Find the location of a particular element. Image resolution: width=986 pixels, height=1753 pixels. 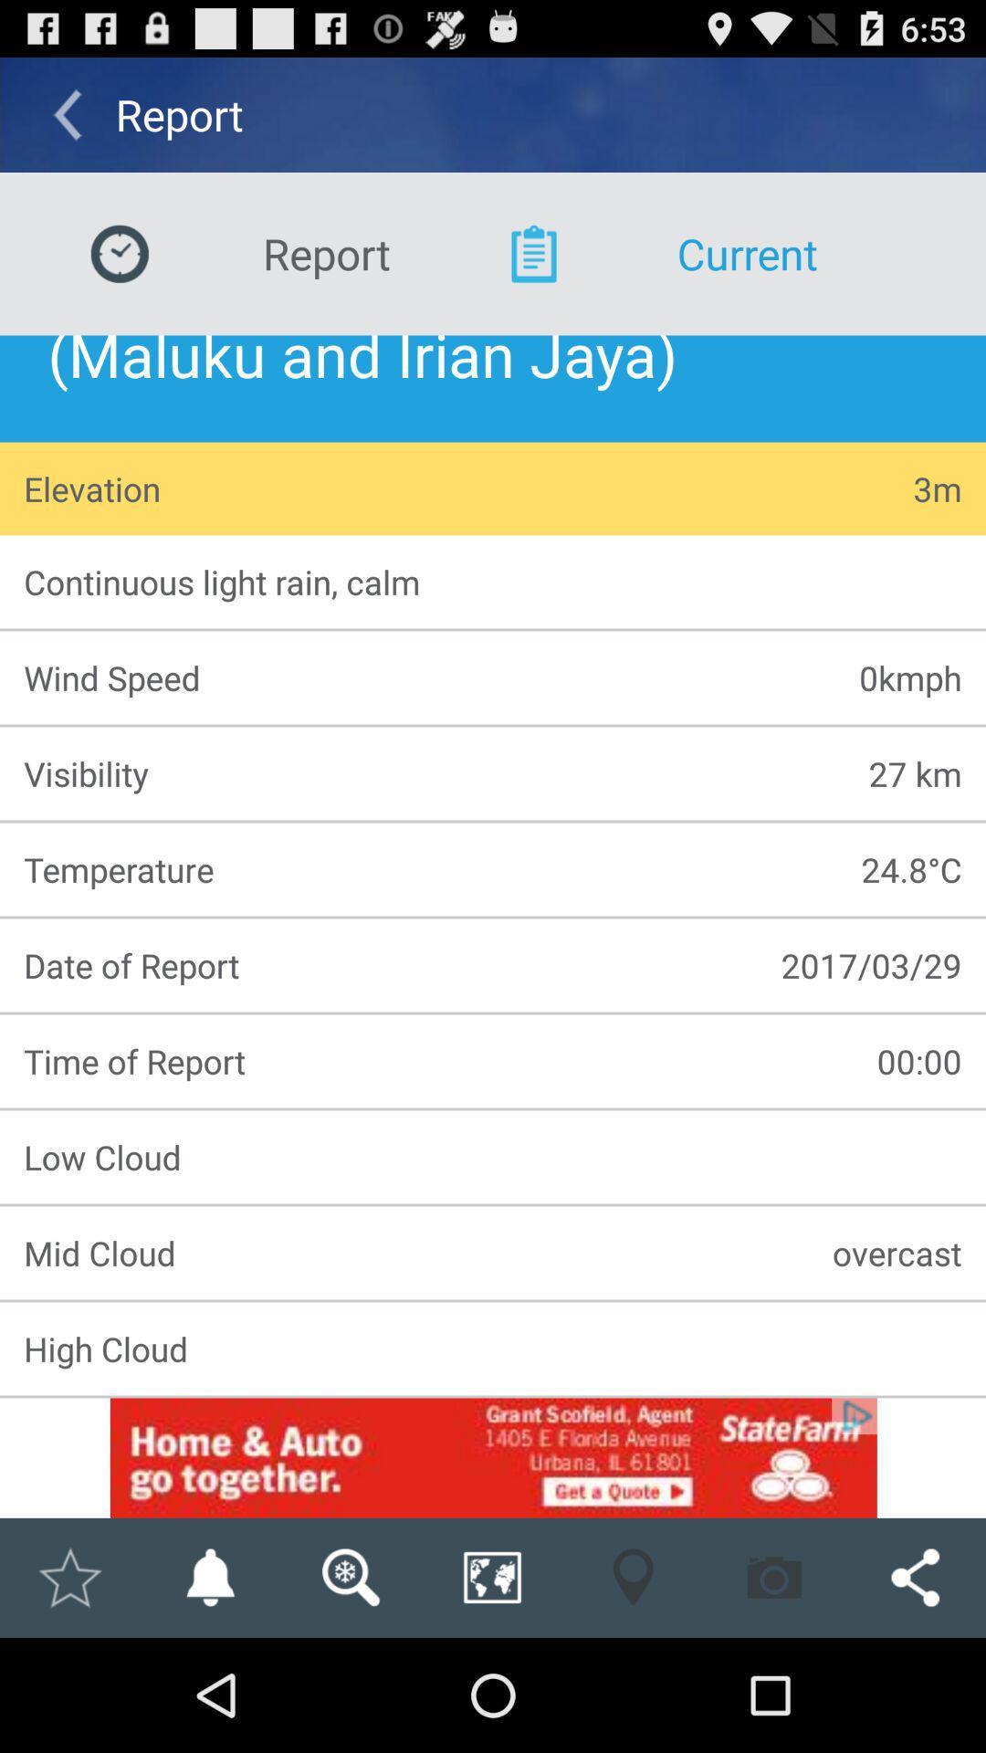

menu page is located at coordinates (493, 1457).